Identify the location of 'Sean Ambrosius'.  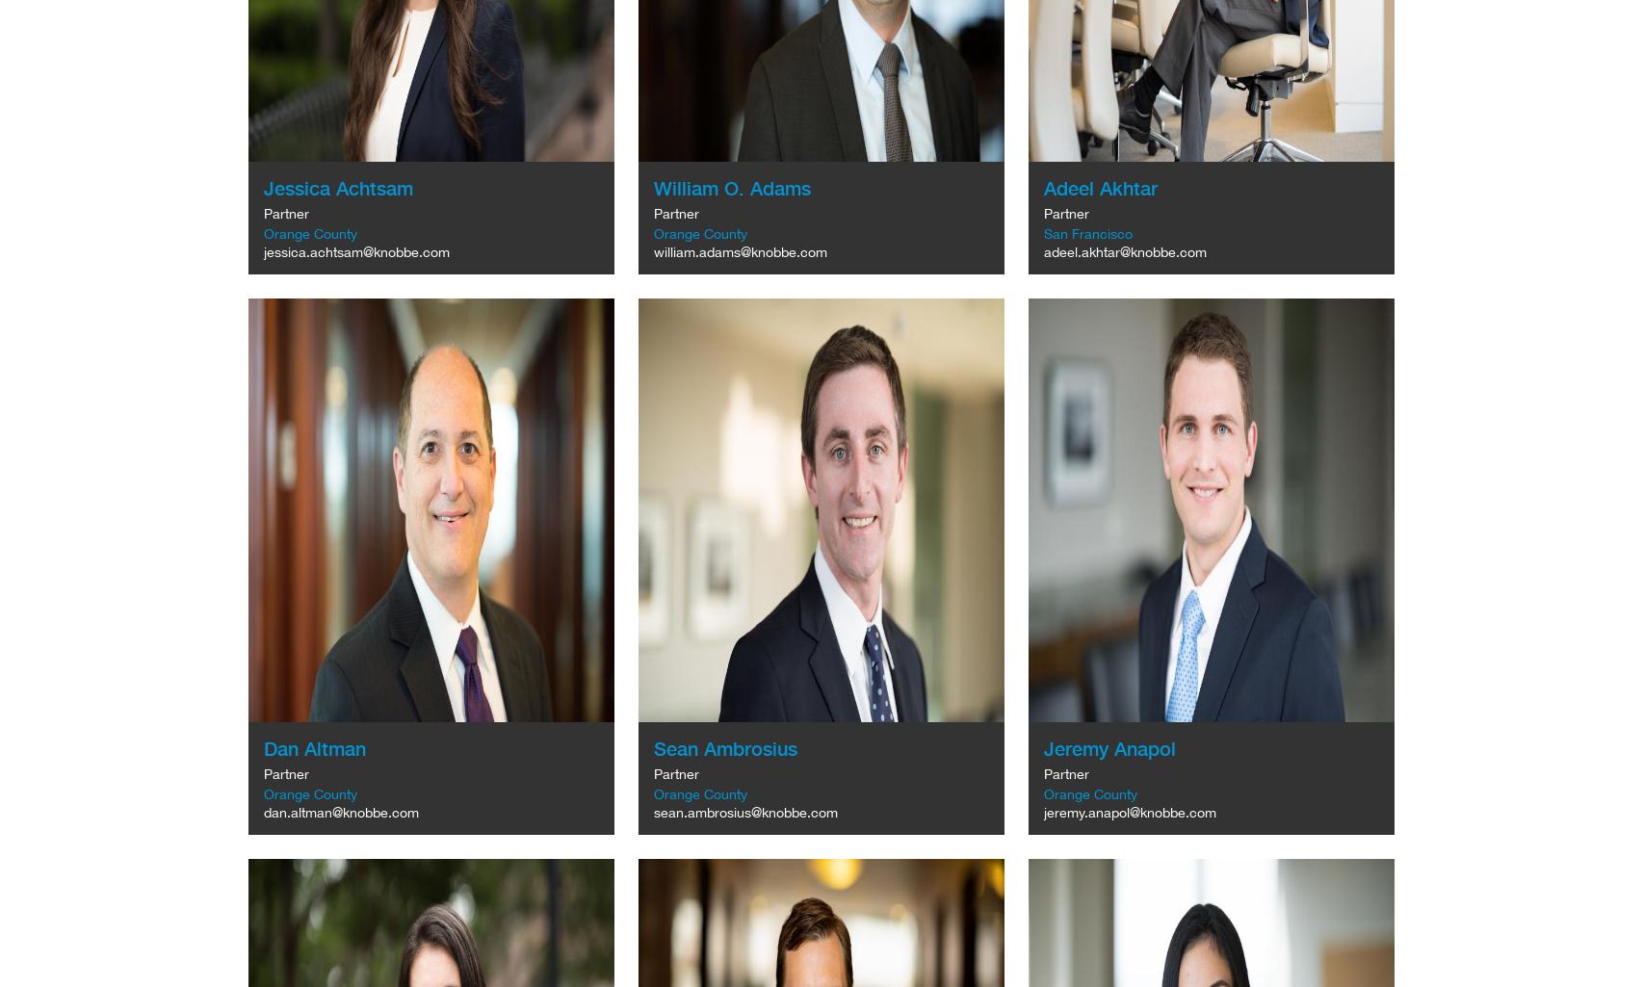
(723, 747).